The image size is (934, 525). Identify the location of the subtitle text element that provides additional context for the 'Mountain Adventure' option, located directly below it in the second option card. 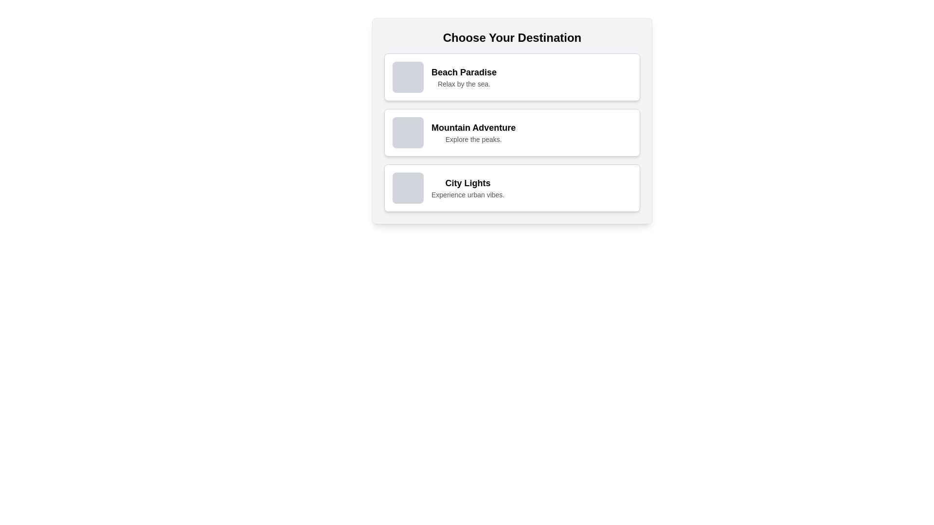
(473, 139).